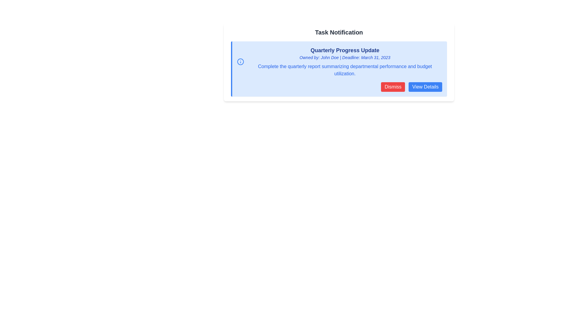 The height and width of the screenshot is (324, 576). What do you see at coordinates (345, 61) in the screenshot?
I see `text block titled 'Quarterly Progress Update' which contains important information about ownership and deadlines, as well as a description of the quarterly report requirements` at bounding box center [345, 61].